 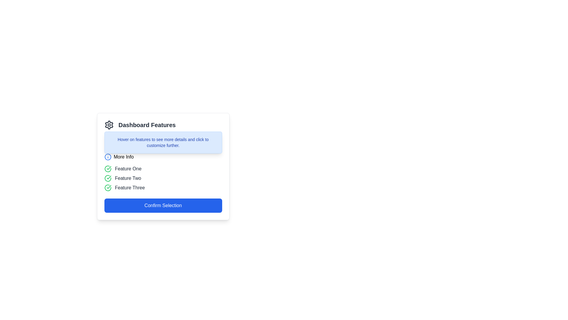 I want to click on the green circular checkmark icon associated with 'Feature Two' in the 'Dashboard Features' section, so click(x=108, y=178).